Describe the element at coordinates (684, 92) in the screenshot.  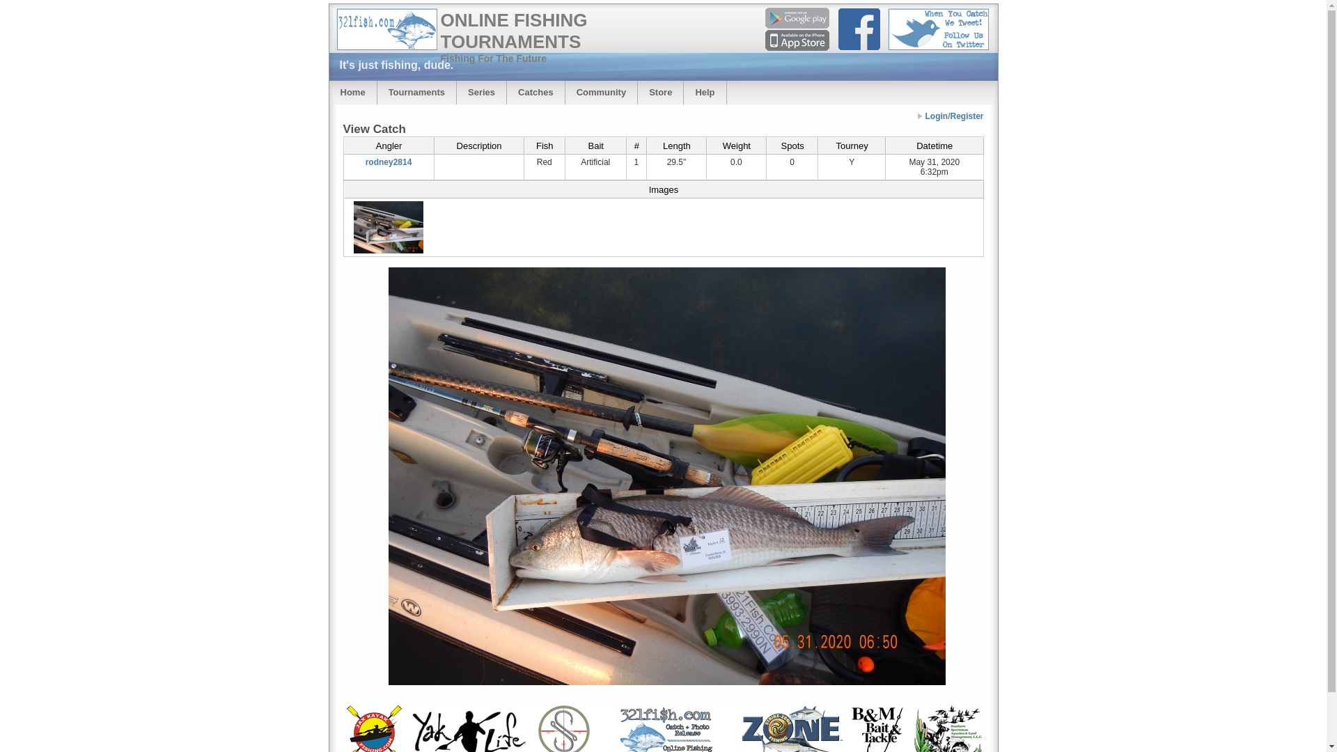
I see `'Help'` at that location.